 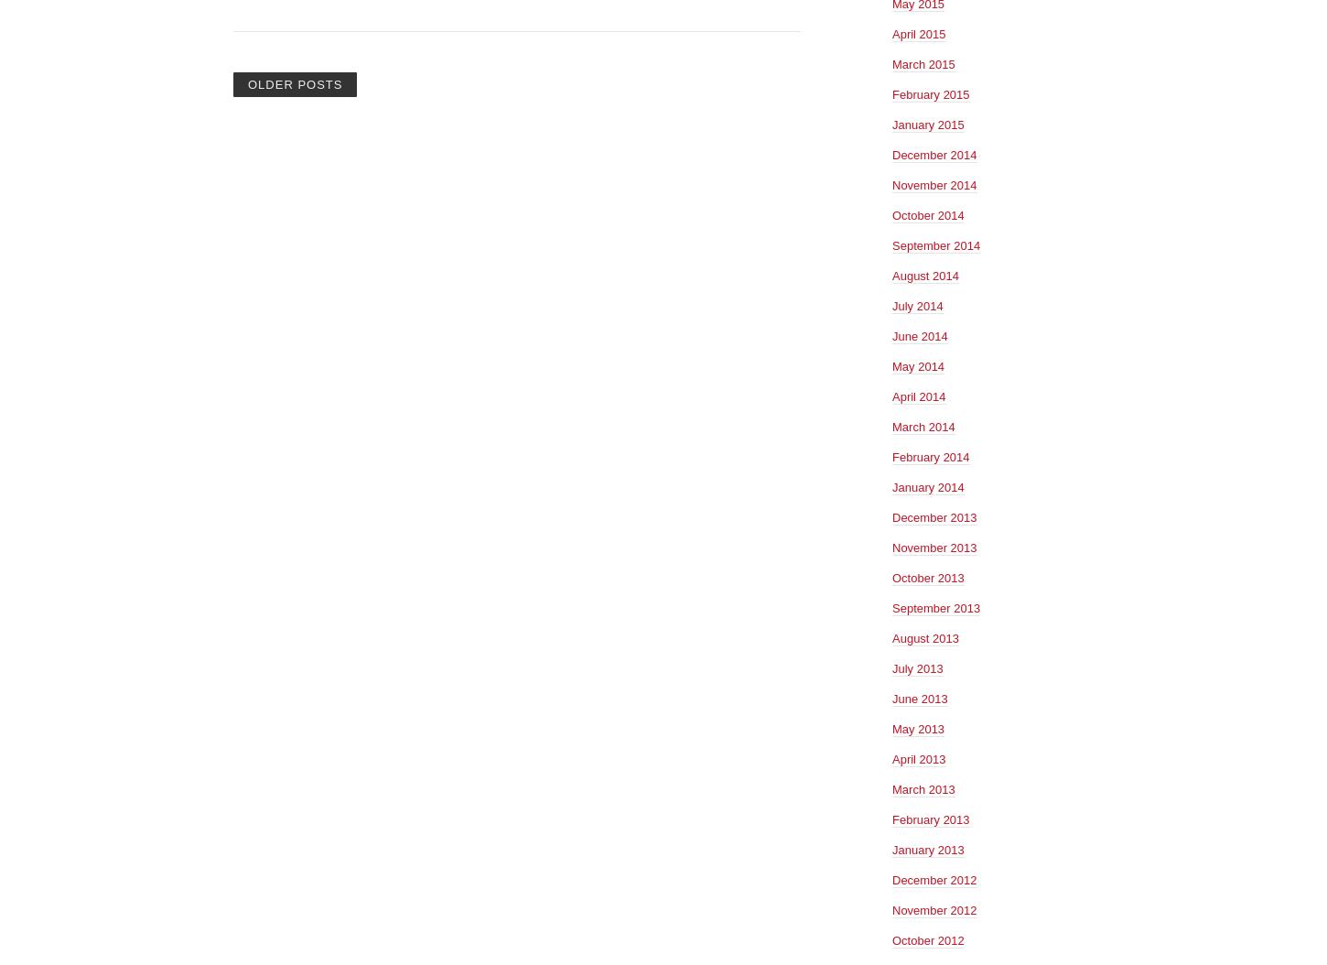 I want to click on 'March 2015', so click(x=923, y=62).